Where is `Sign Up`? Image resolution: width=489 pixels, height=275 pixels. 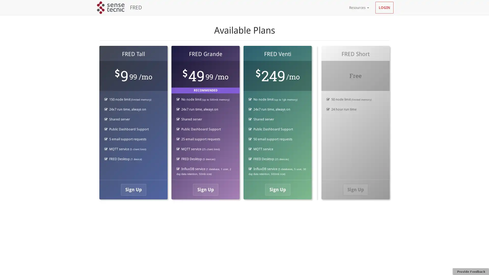 Sign Up is located at coordinates (277, 189).